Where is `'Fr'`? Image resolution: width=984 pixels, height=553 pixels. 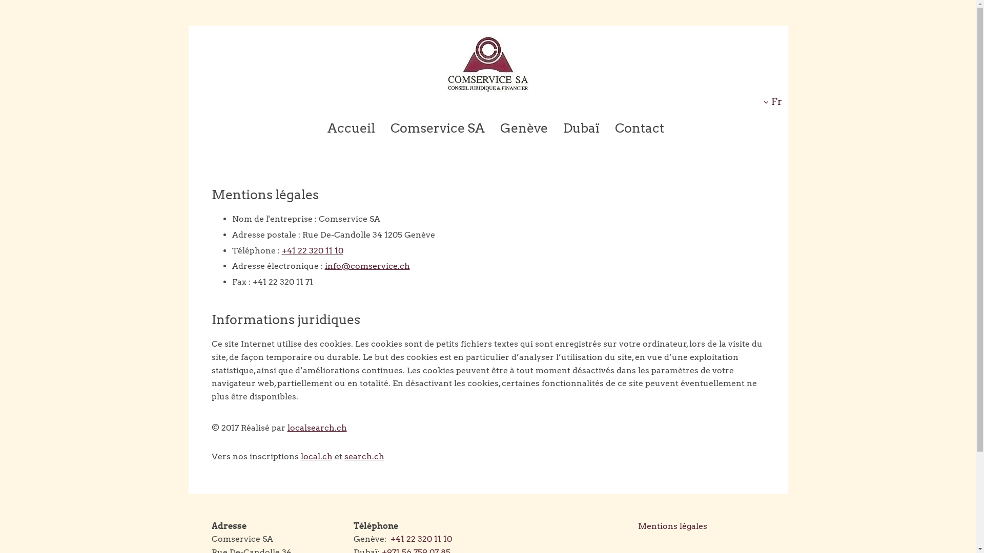 'Fr' is located at coordinates (772, 101).